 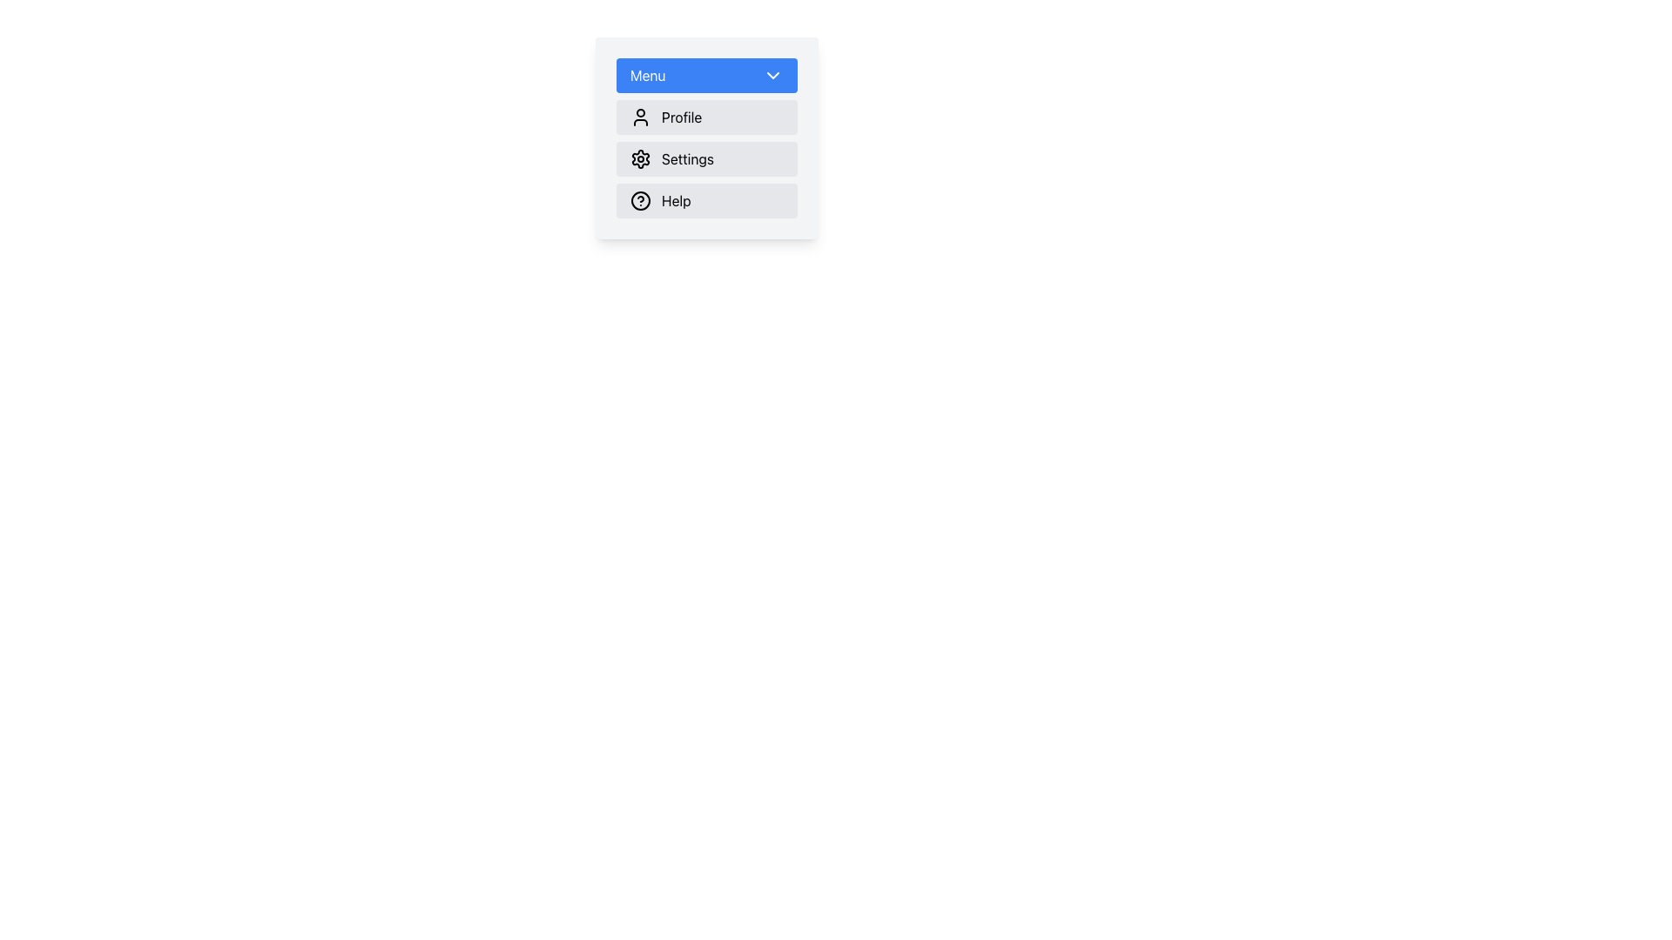 What do you see at coordinates (772, 75) in the screenshot?
I see `the Dropdown indicator icon (Chevron down) located on the far-right end of the blue 'Menu' button` at bounding box center [772, 75].